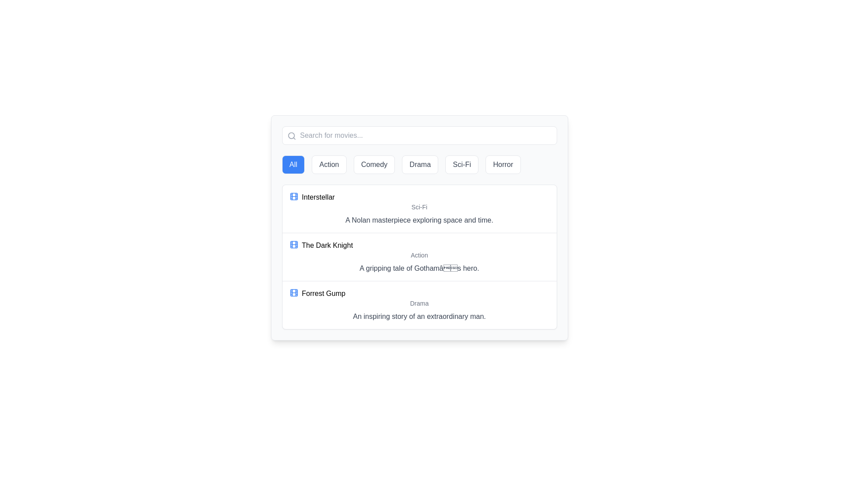  What do you see at coordinates (419, 316) in the screenshot?
I see `the text element that provides a brief summary of the movie 'Forrest Gump', located below the genre label 'Drama'` at bounding box center [419, 316].